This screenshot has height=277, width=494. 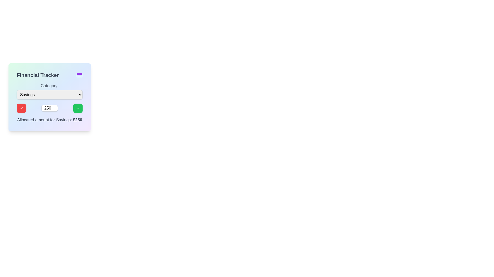 I want to click on the text label that displays 'Allocated amount for Savings: $250', which is located at the bottom of the card component, so click(x=49, y=120).